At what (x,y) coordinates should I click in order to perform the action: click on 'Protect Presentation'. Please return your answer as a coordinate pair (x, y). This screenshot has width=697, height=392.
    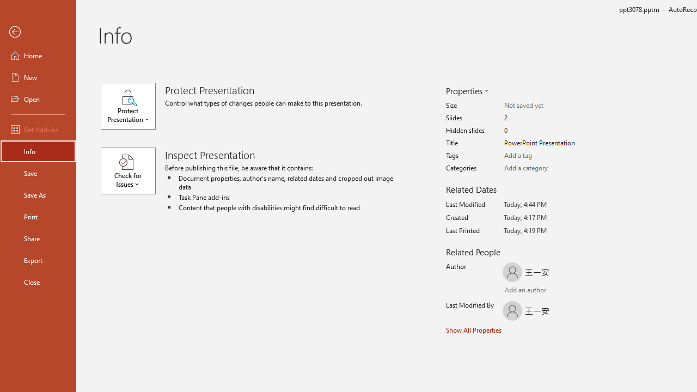
    Looking at the image, I should click on (132, 106).